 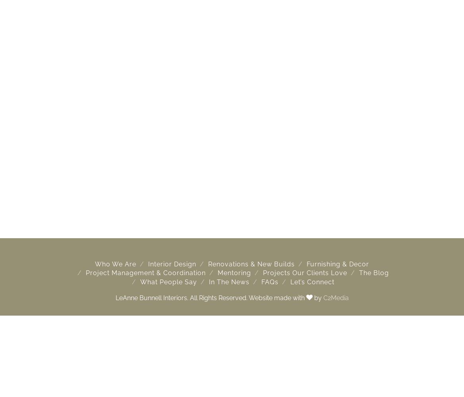 What do you see at coordinates (269, 281) in the screenshot?
I see `'FAQs'` at bounding box center [269, 281].